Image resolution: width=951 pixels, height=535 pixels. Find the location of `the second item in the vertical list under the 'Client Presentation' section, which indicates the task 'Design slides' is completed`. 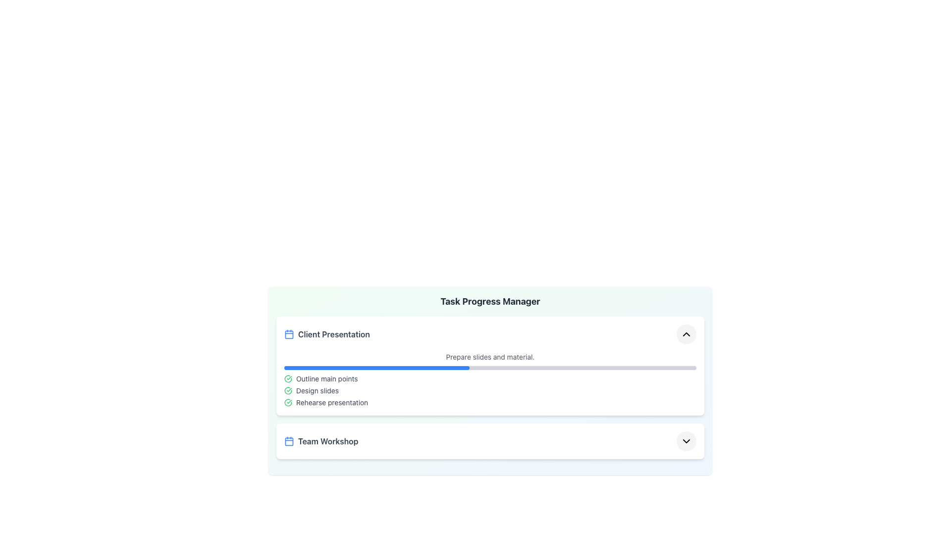

the second item in the vertical list under the 'Client Presentation' section, which indicates the task 'Design slides' is completed is located at coordinates (490, 390).